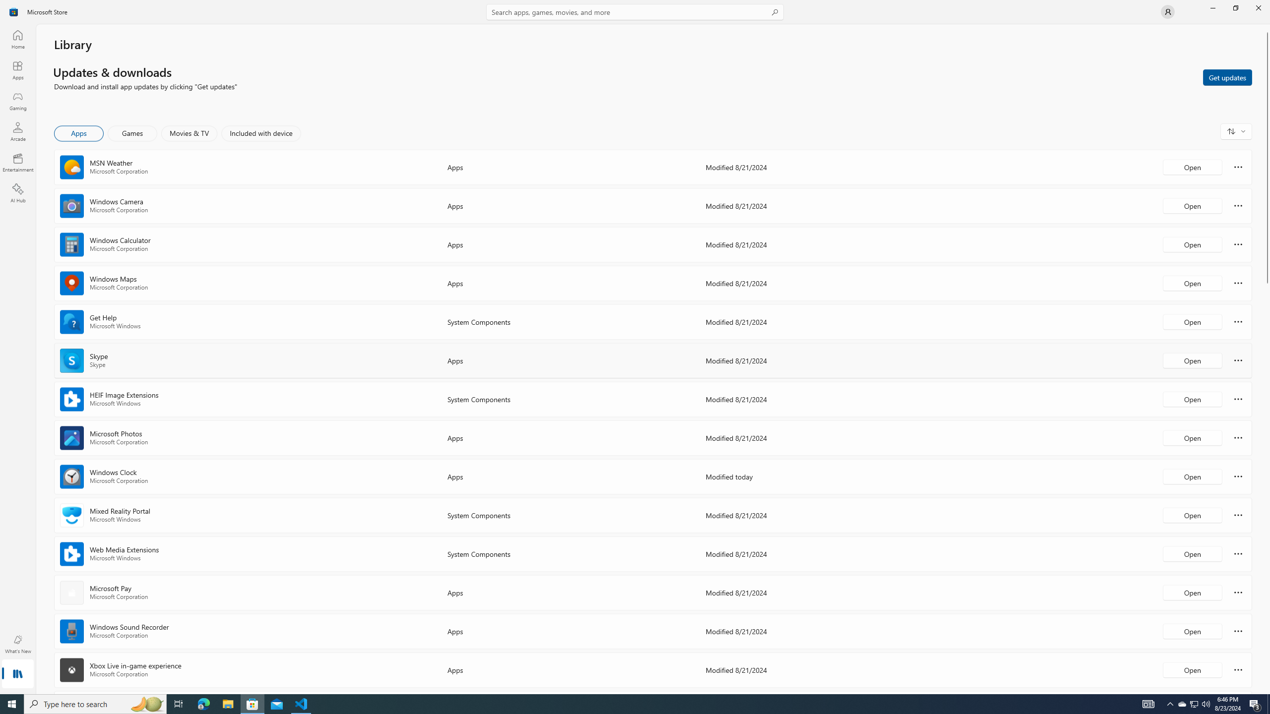 This screenshot has width=1270, height=714. What do you see at coordinates (1227, 76) in the screenshot?
I see `'Get updates'` at bounding box center [1227, 76].